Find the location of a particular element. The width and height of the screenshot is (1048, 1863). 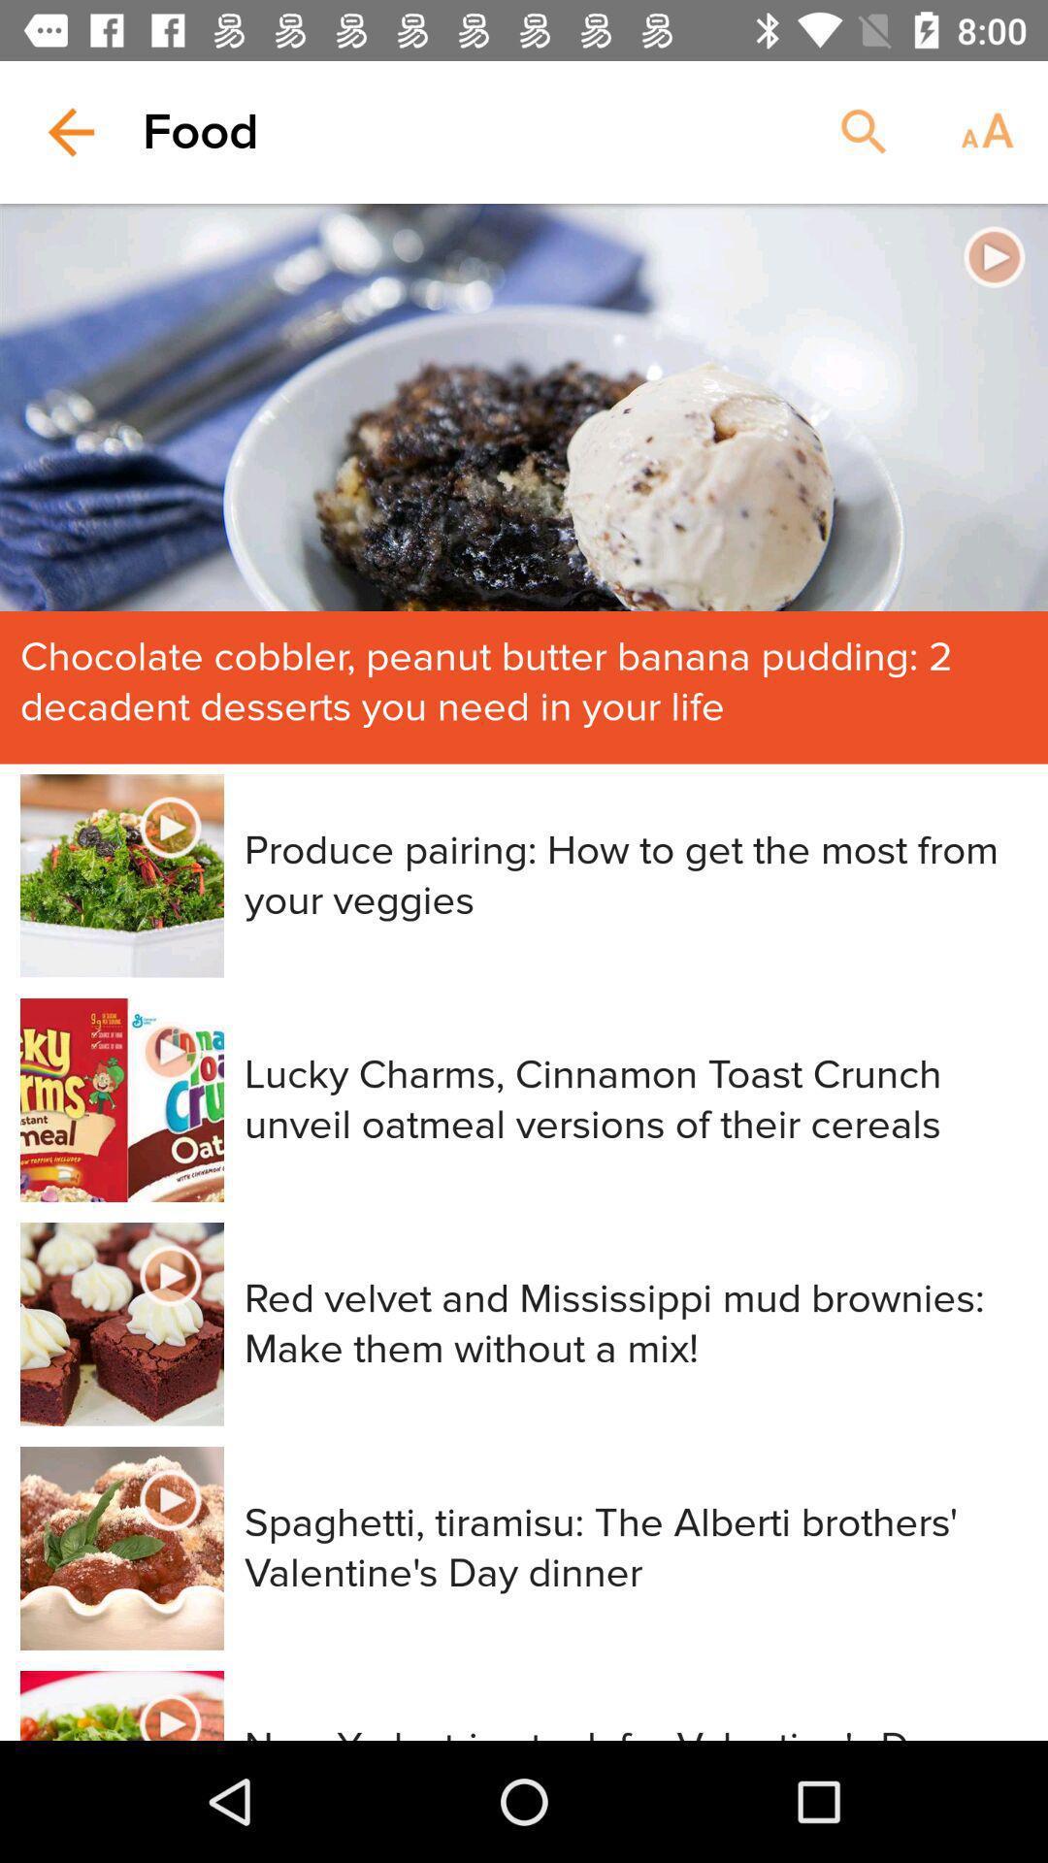

the second video button on the page is located at coordinates (170, 828).